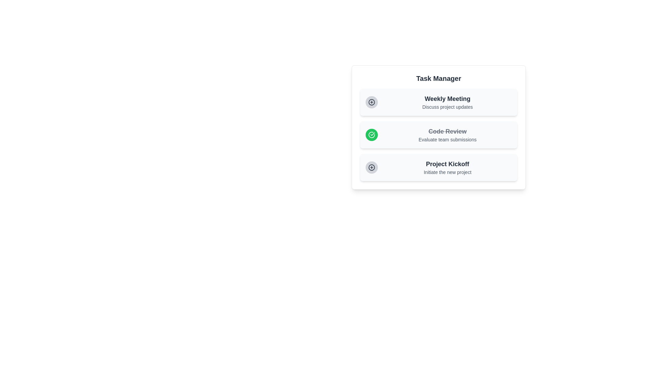 This screenshot has height=367, width=653. Describe the element at coordinates (439, 102) in the screenshot. I see `the first card in the vertical list of task items, which features a circular icon with a plus symbol and the title 'Weekly Meeting'` at that location.